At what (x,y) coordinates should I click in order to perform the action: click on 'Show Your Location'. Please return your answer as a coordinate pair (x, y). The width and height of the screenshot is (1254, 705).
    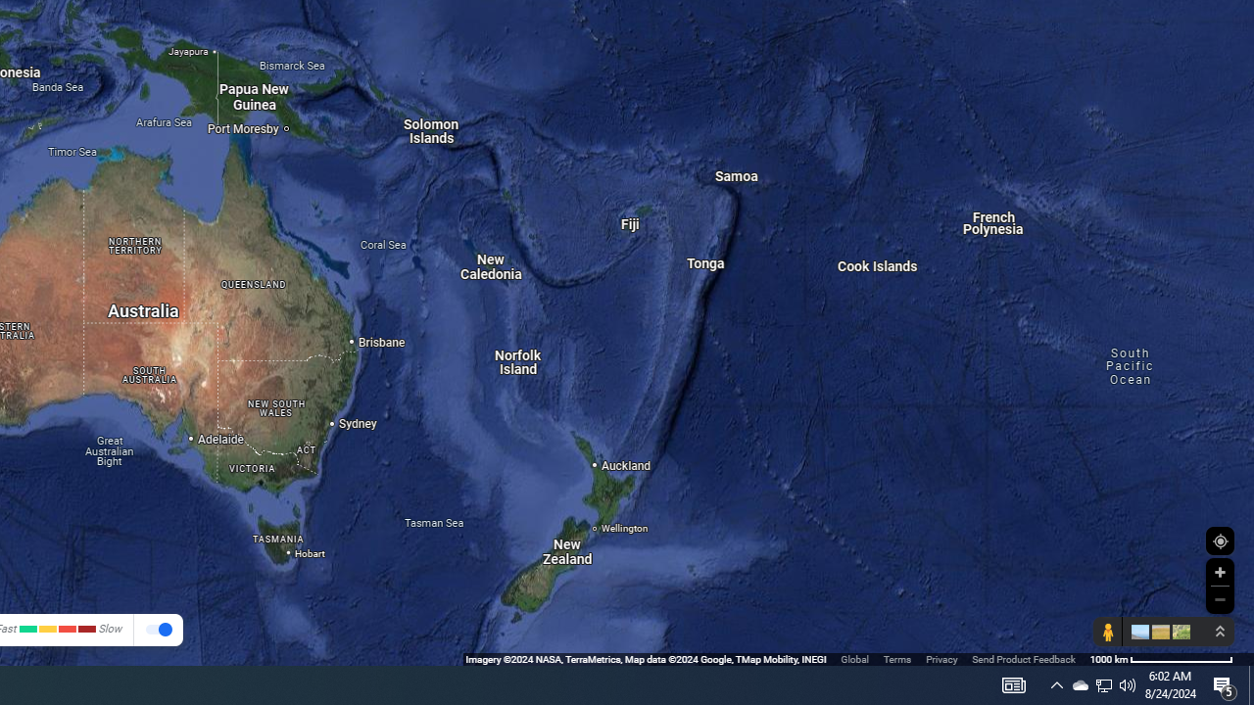
    Looking at the image, I should click on (1219, 540).